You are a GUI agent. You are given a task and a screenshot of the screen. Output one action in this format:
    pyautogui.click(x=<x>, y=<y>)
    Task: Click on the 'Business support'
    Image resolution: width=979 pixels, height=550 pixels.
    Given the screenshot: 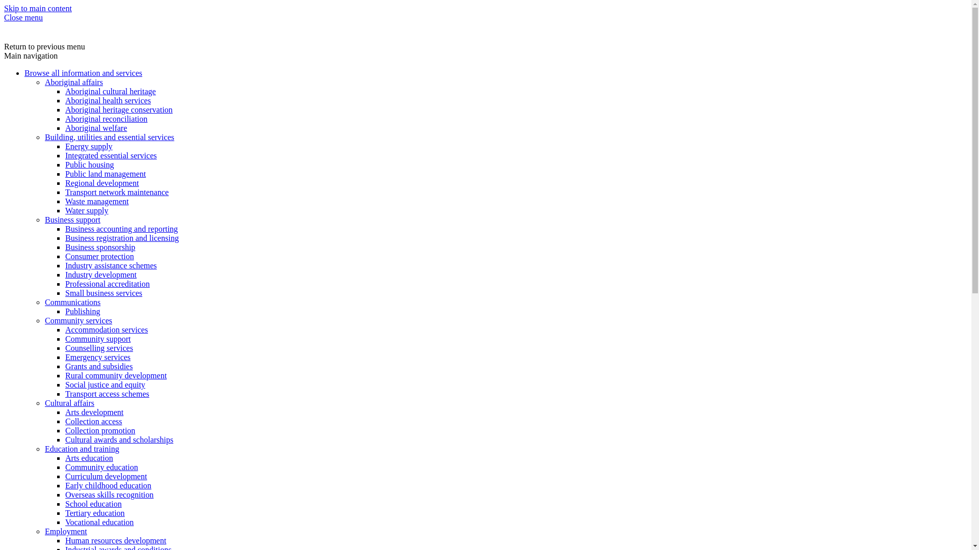 What is the action you would take?
    pyautogui.click(x=72, y=219)
    